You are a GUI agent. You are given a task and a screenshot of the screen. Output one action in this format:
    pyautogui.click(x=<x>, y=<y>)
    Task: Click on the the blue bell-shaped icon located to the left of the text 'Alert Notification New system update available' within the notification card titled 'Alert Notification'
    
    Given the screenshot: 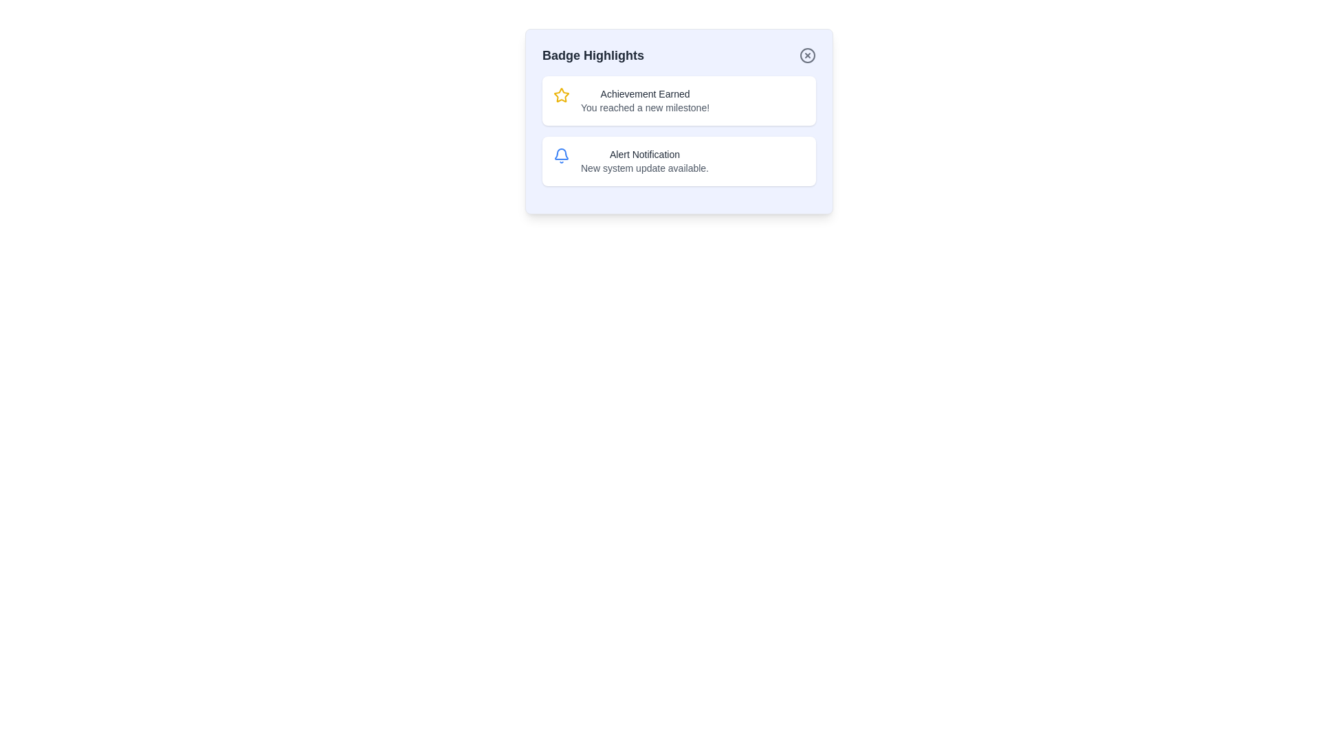 What is the action you would take?
    pyautogui.click(x=561, y=155)
    